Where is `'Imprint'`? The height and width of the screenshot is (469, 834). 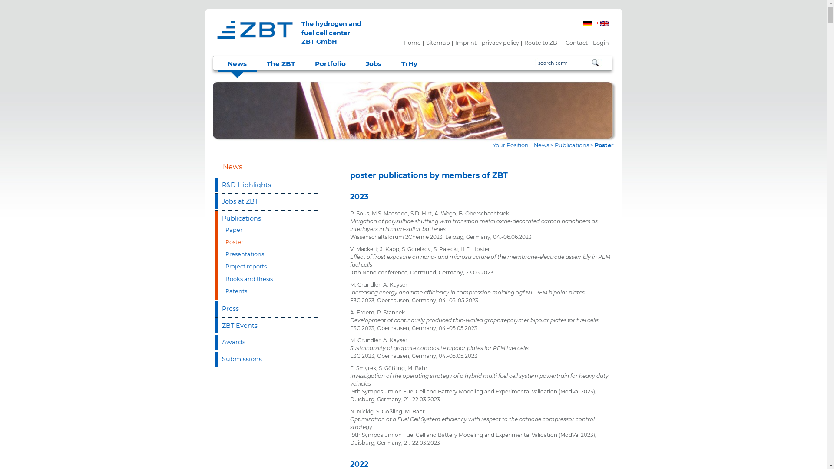 'Imprint' is located at coordinates (465, 43).